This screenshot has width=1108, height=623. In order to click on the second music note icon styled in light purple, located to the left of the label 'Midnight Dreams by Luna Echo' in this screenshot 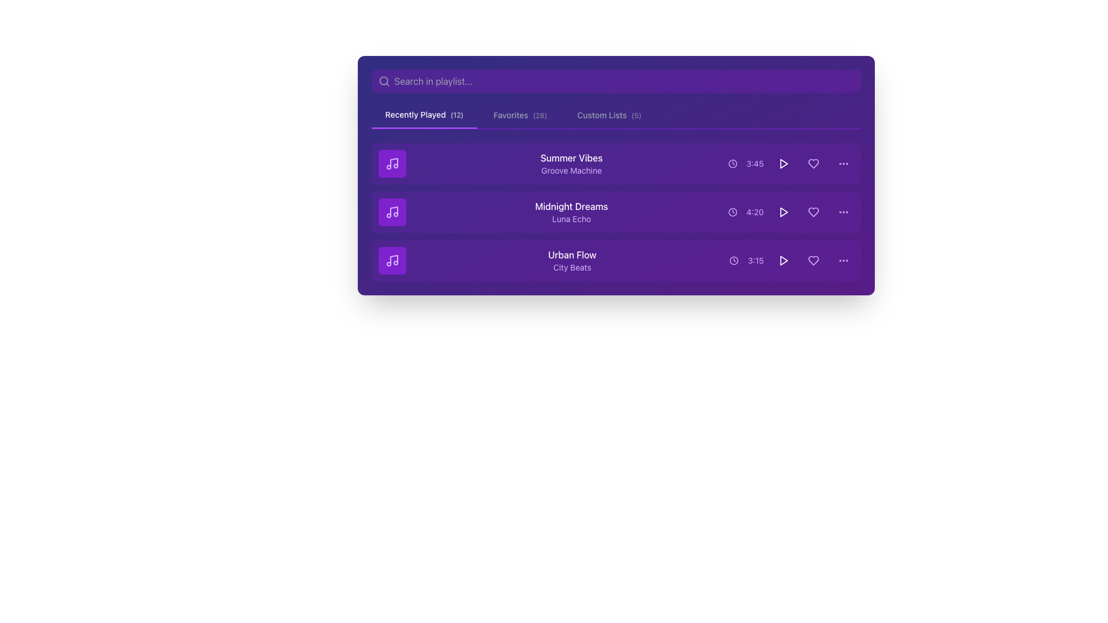, I will do `click(392, 212)`.